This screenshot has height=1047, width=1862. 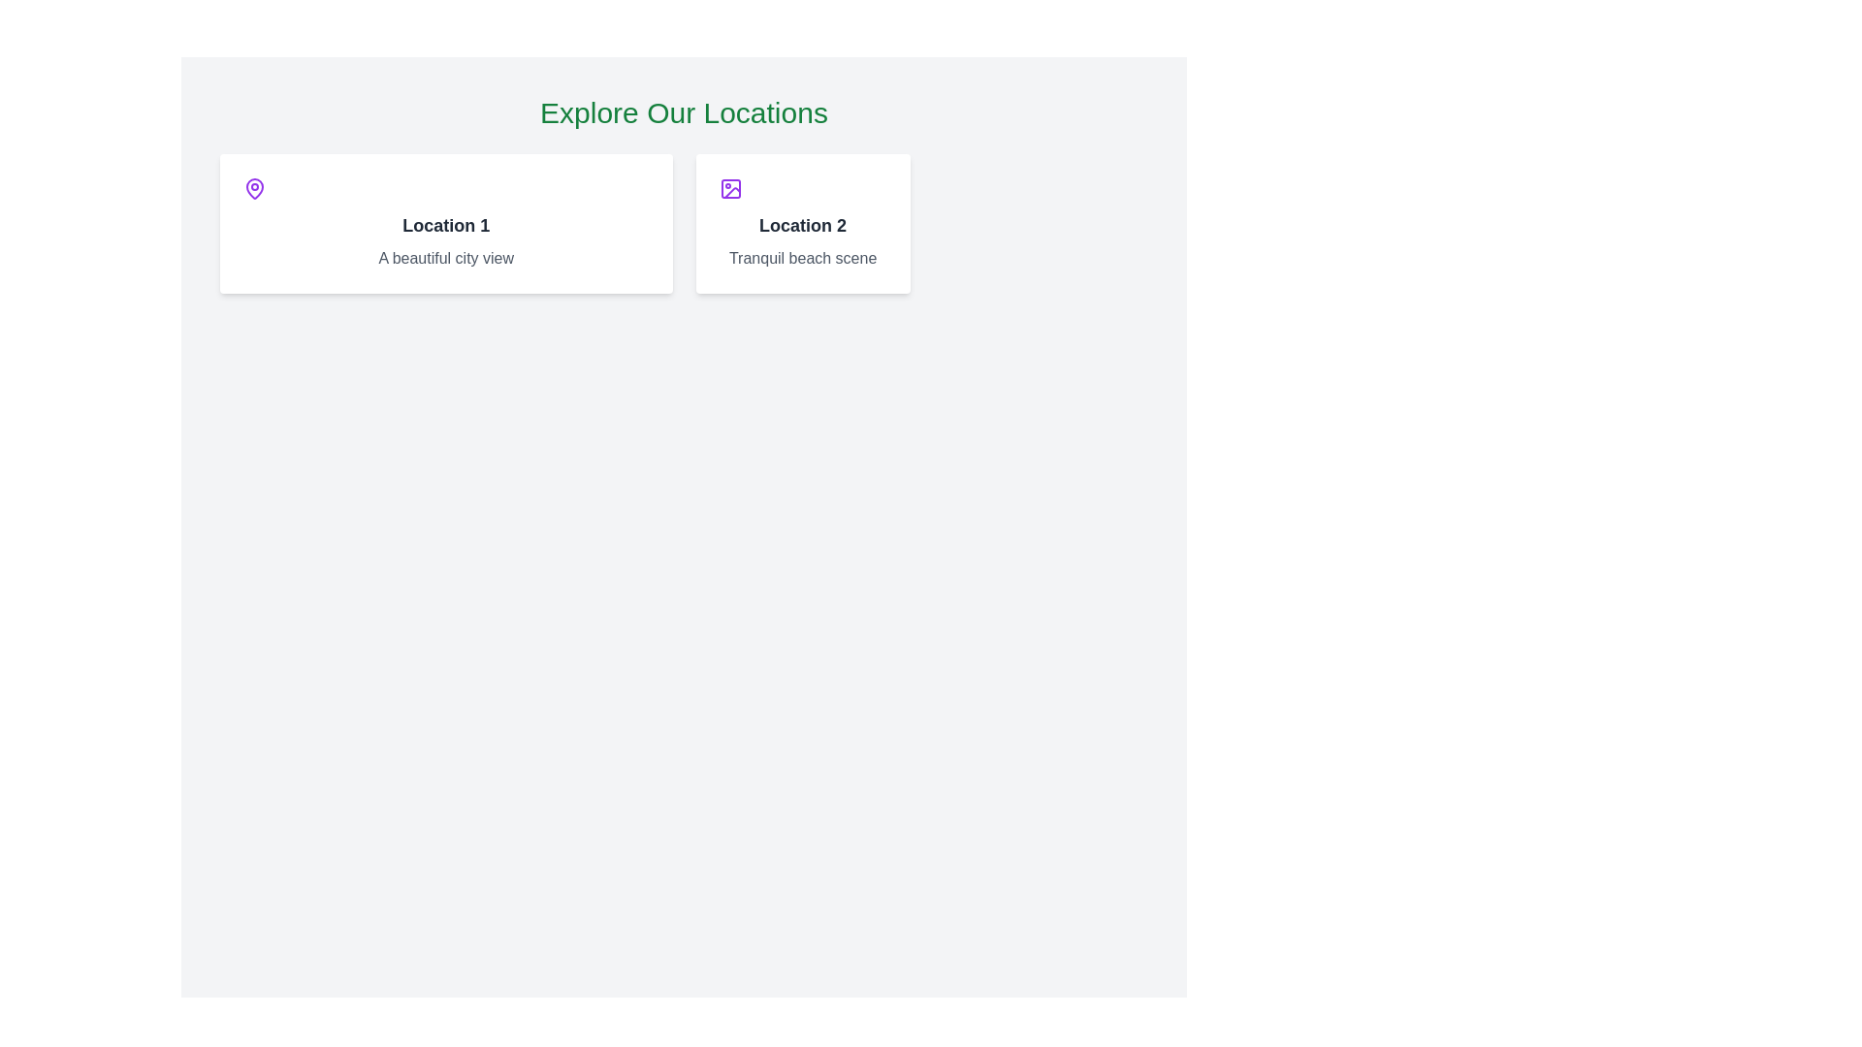 What do you see at coordinates (729, 189) in the screenshot?
I see `the icon located in the top-left corner inside the second card labeled 'Location 2', which indicates that the card content is related to an image or visual representation` at bounding box center [729, 189].